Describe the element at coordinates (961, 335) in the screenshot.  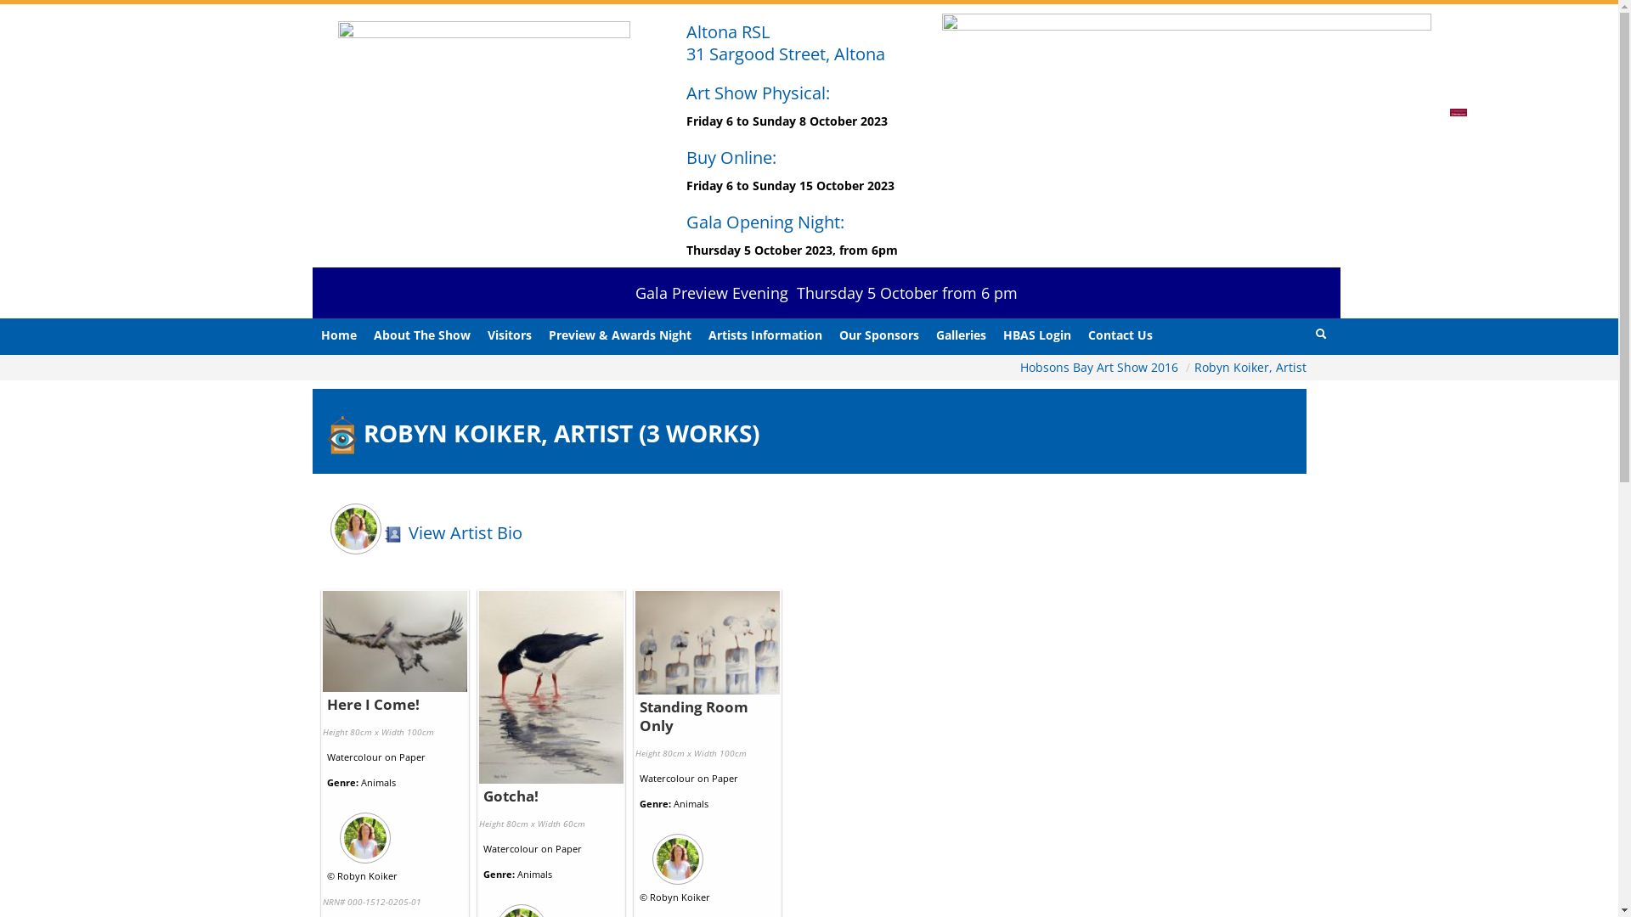
I see `'Galleries'` at that location.